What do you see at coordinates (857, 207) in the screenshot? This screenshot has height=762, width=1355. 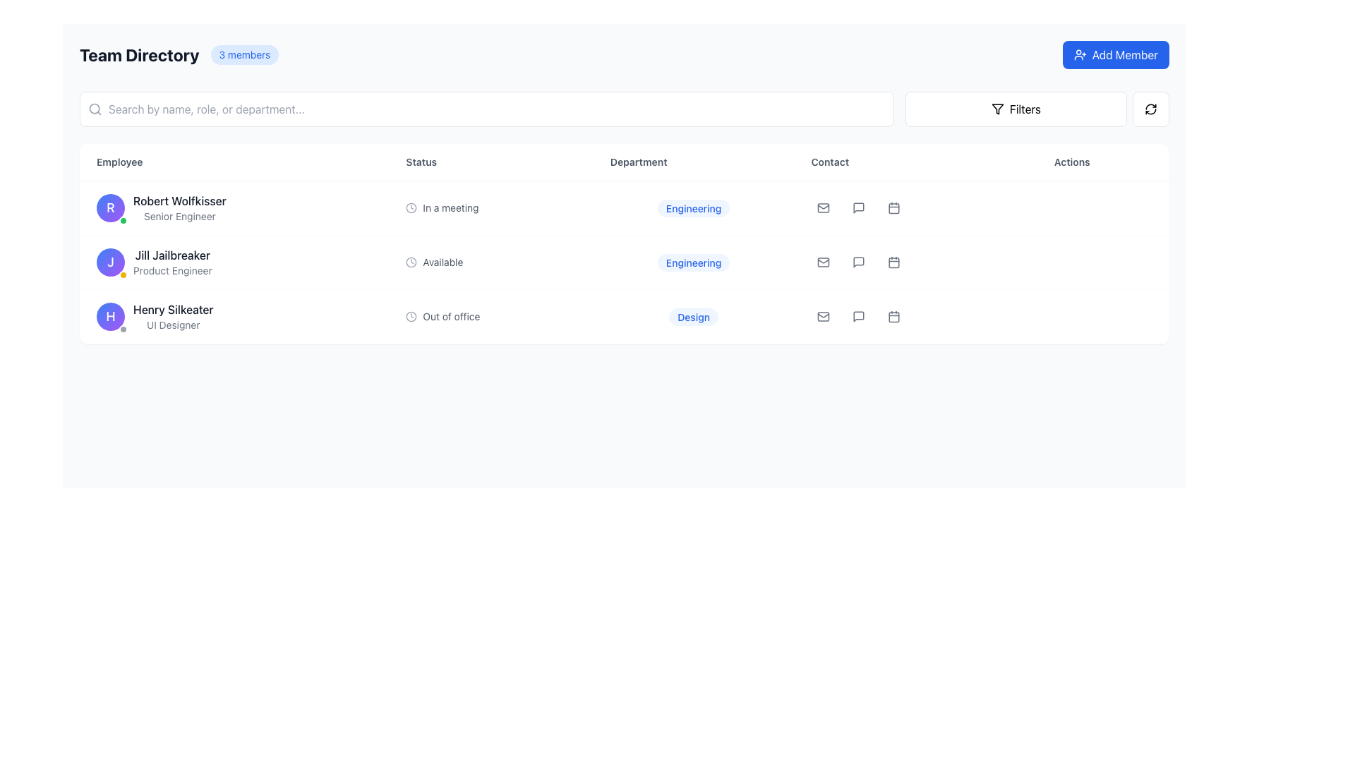 I see `the messaging SVG icon located in the 'Contact' column of the second row of the employee list, positioned between the email icon on the left and the calendar icon on the right` at bounding box center [857, 207].